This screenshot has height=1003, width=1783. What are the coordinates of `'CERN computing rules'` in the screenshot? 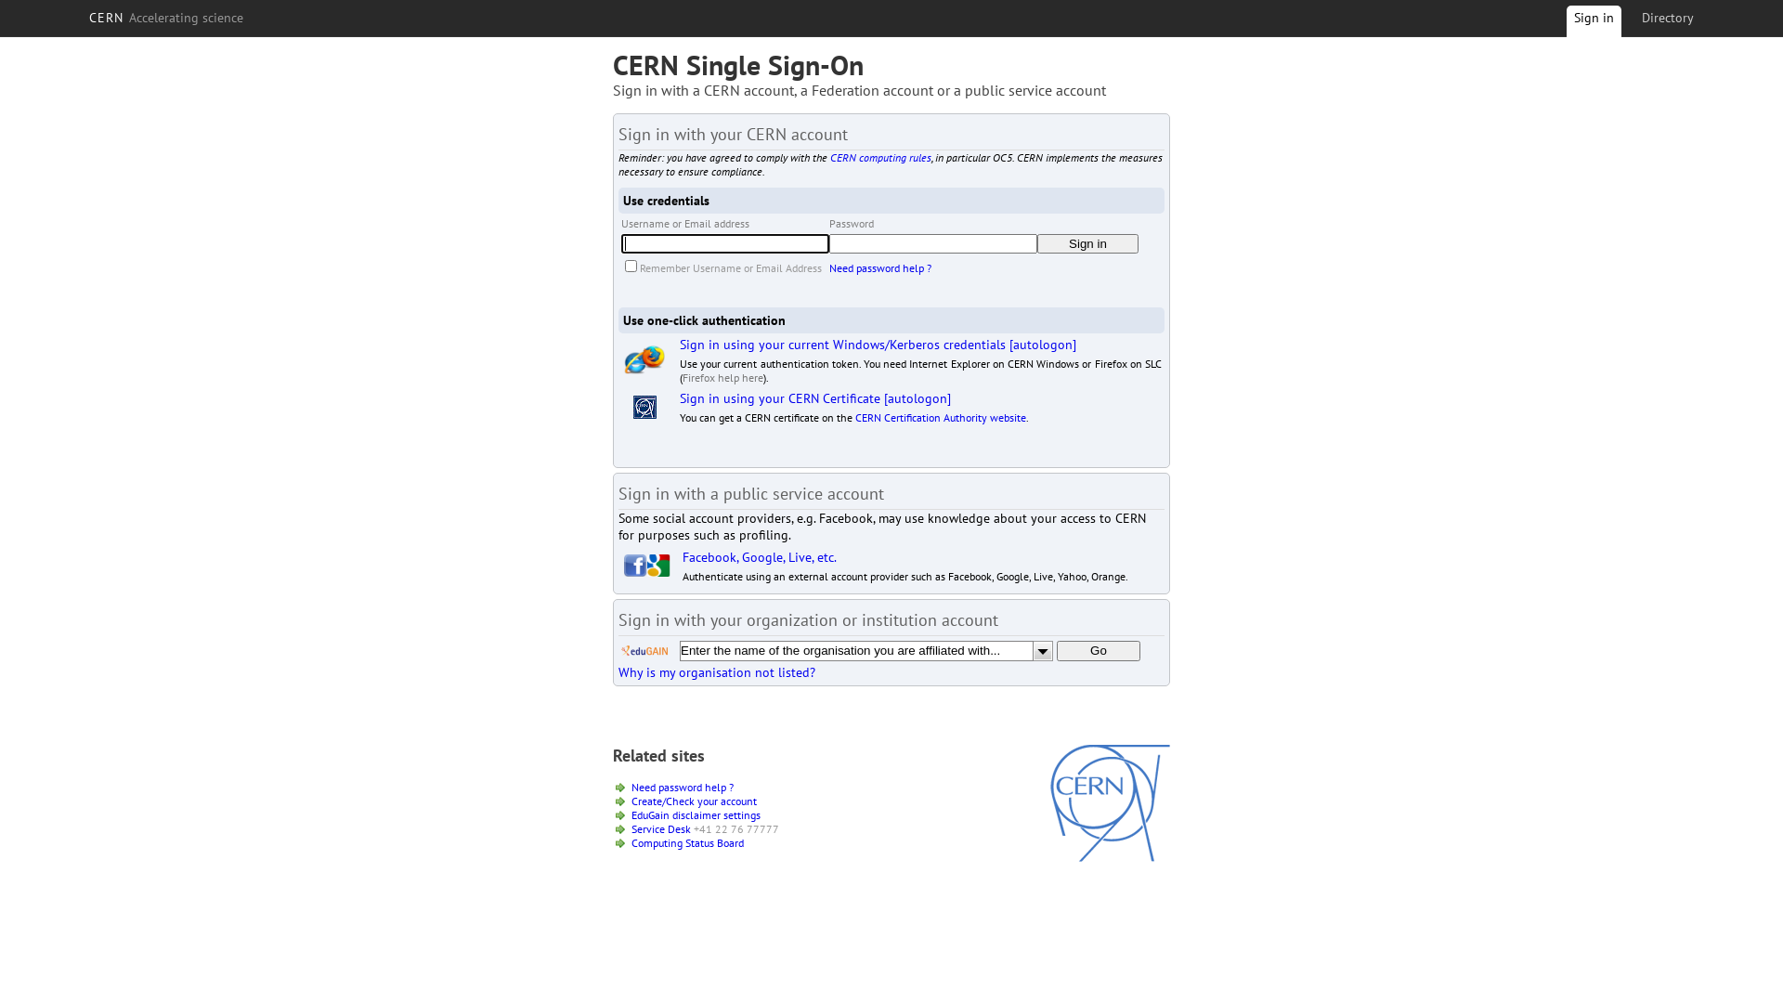 It's located at (879, 156).